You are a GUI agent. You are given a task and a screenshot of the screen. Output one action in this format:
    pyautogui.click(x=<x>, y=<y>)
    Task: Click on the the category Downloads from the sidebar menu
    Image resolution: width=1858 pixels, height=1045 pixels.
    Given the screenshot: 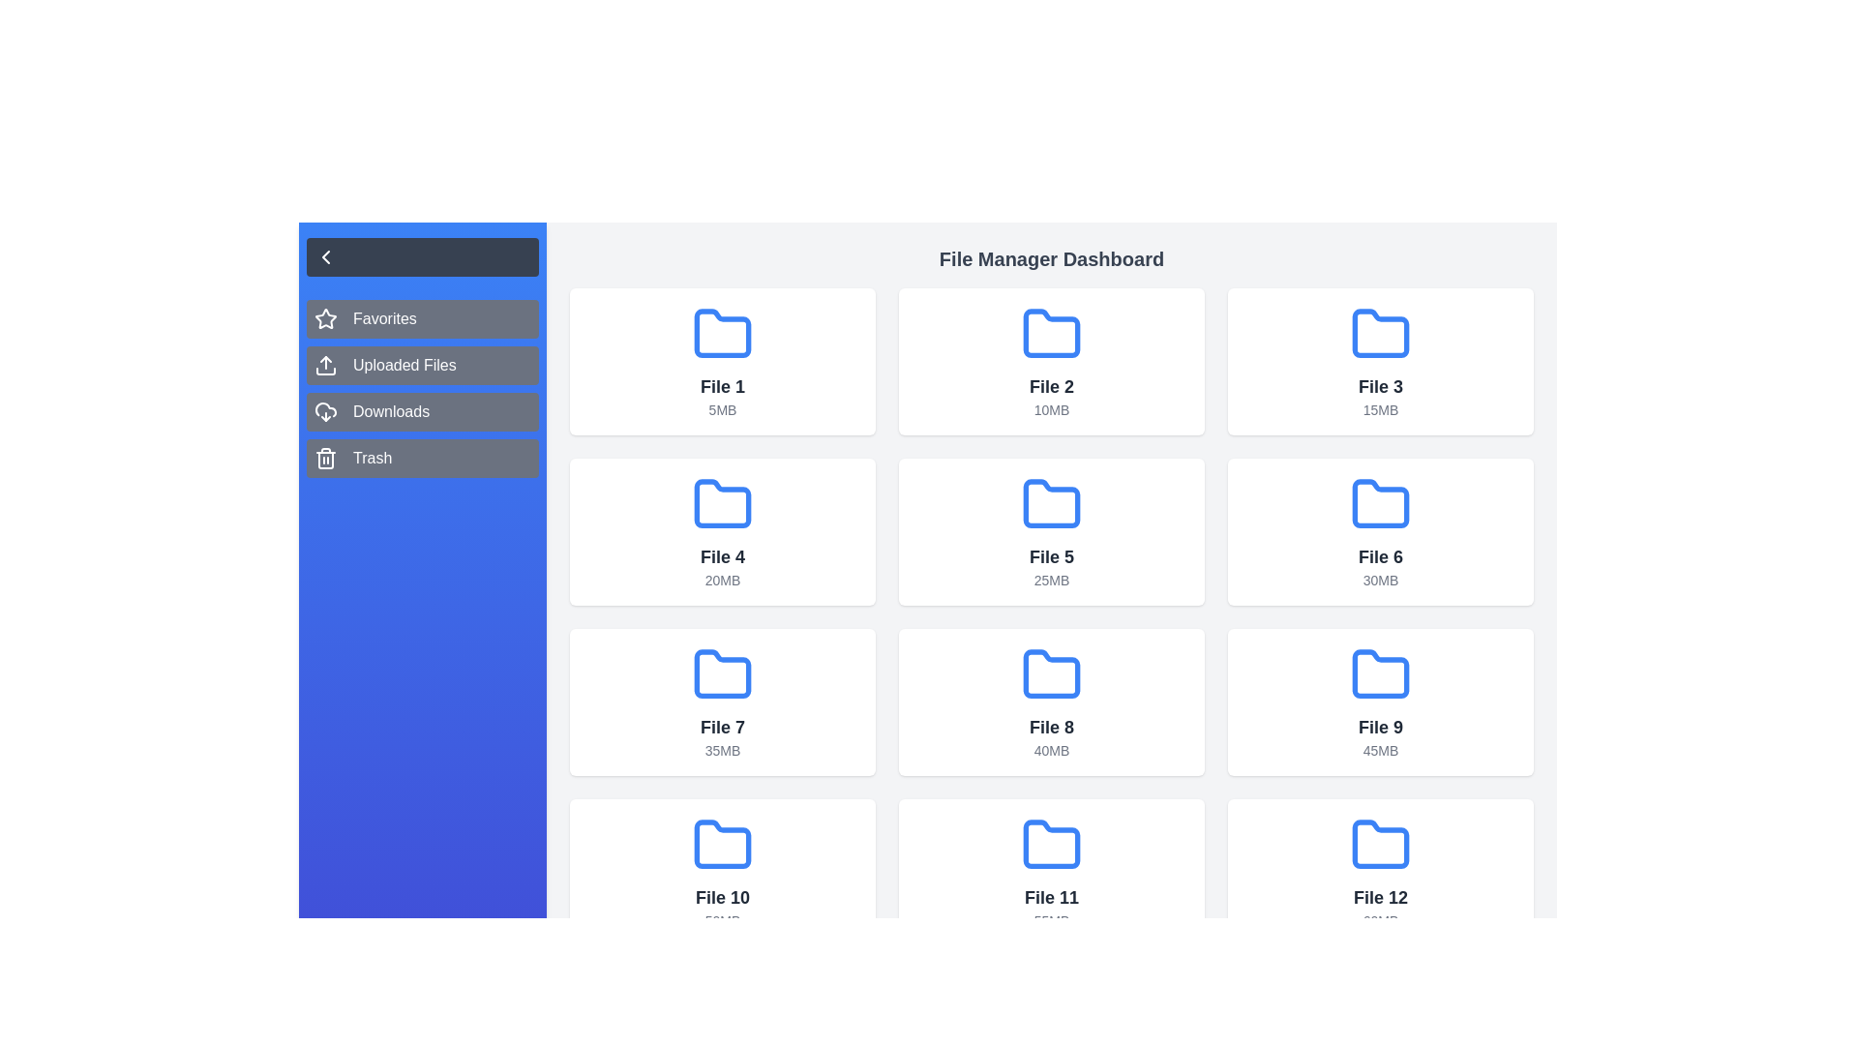 What is the action you would take?
    pyautogui.click(x=421, y=410)
    